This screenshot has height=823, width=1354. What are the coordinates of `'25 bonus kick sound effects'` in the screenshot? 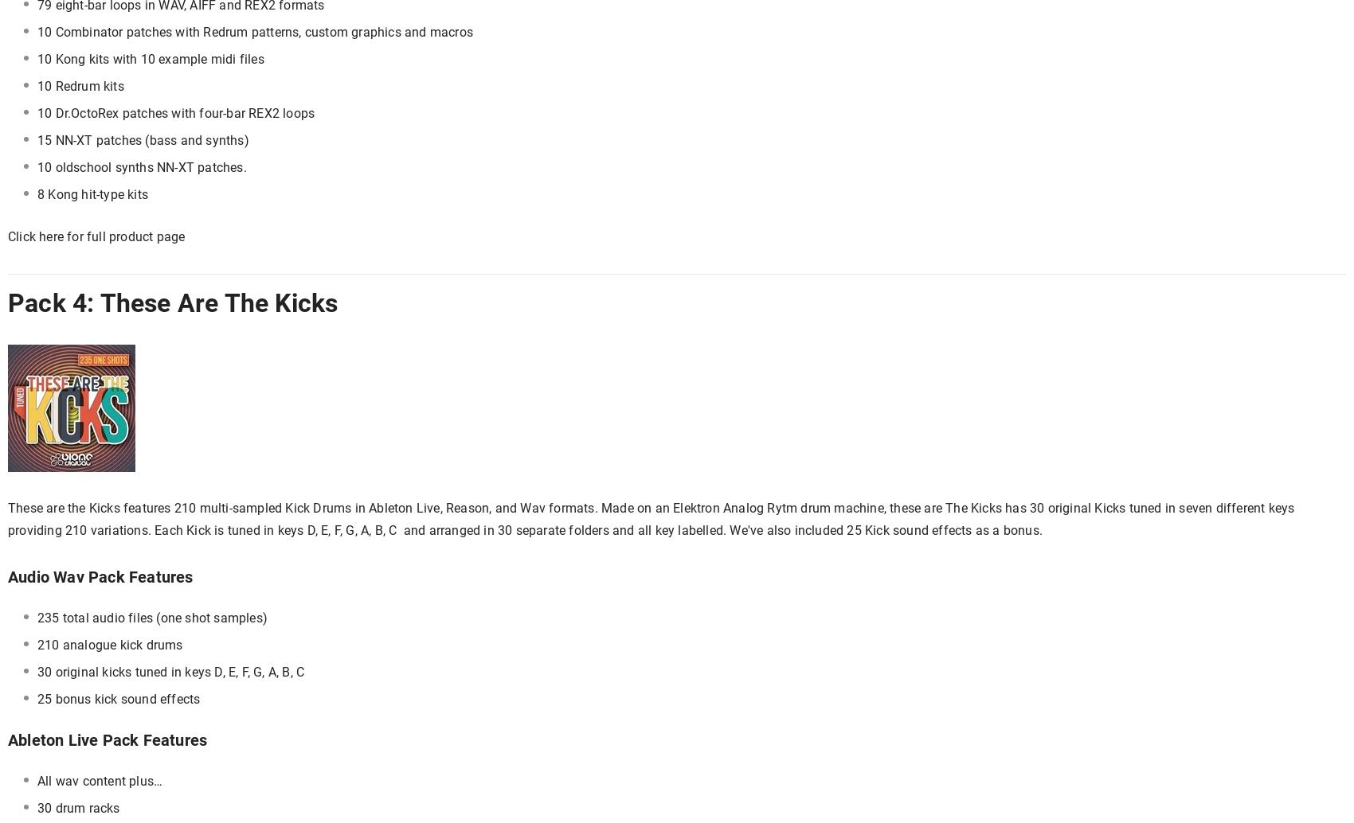 It's located at (117, 698).